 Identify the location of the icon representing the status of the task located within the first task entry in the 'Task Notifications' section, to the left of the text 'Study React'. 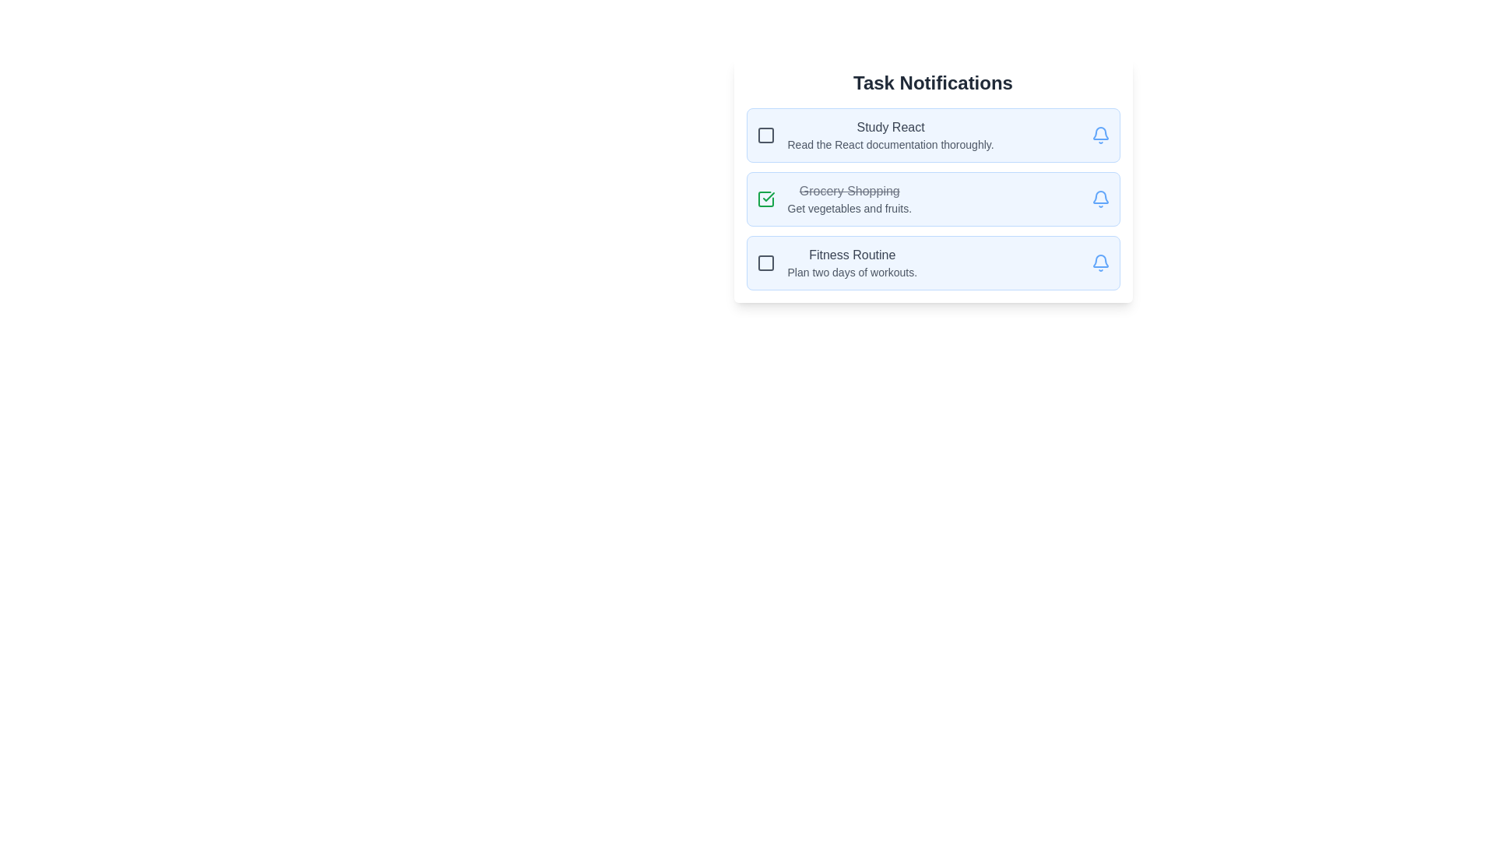
(765, 134).